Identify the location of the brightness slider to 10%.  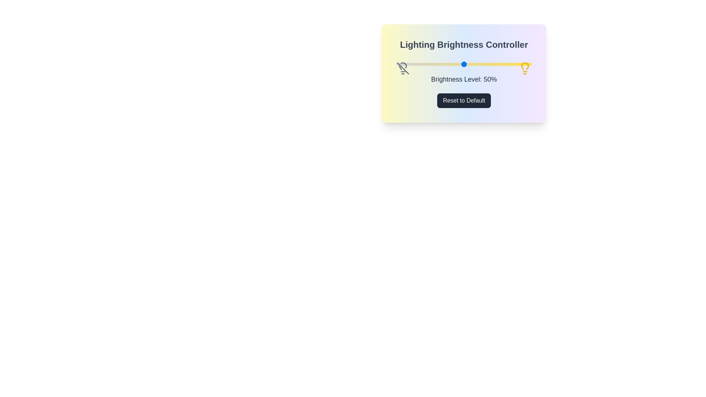
(409, 64).